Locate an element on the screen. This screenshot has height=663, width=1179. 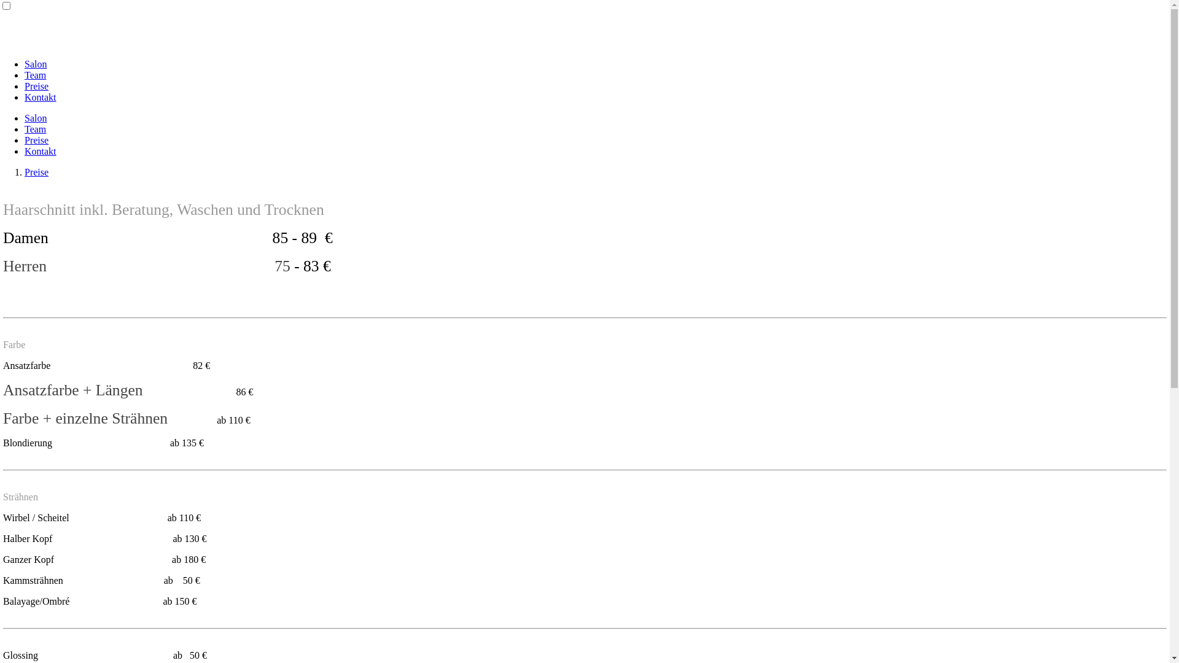
'Team' is located at coordinates (35, 75).